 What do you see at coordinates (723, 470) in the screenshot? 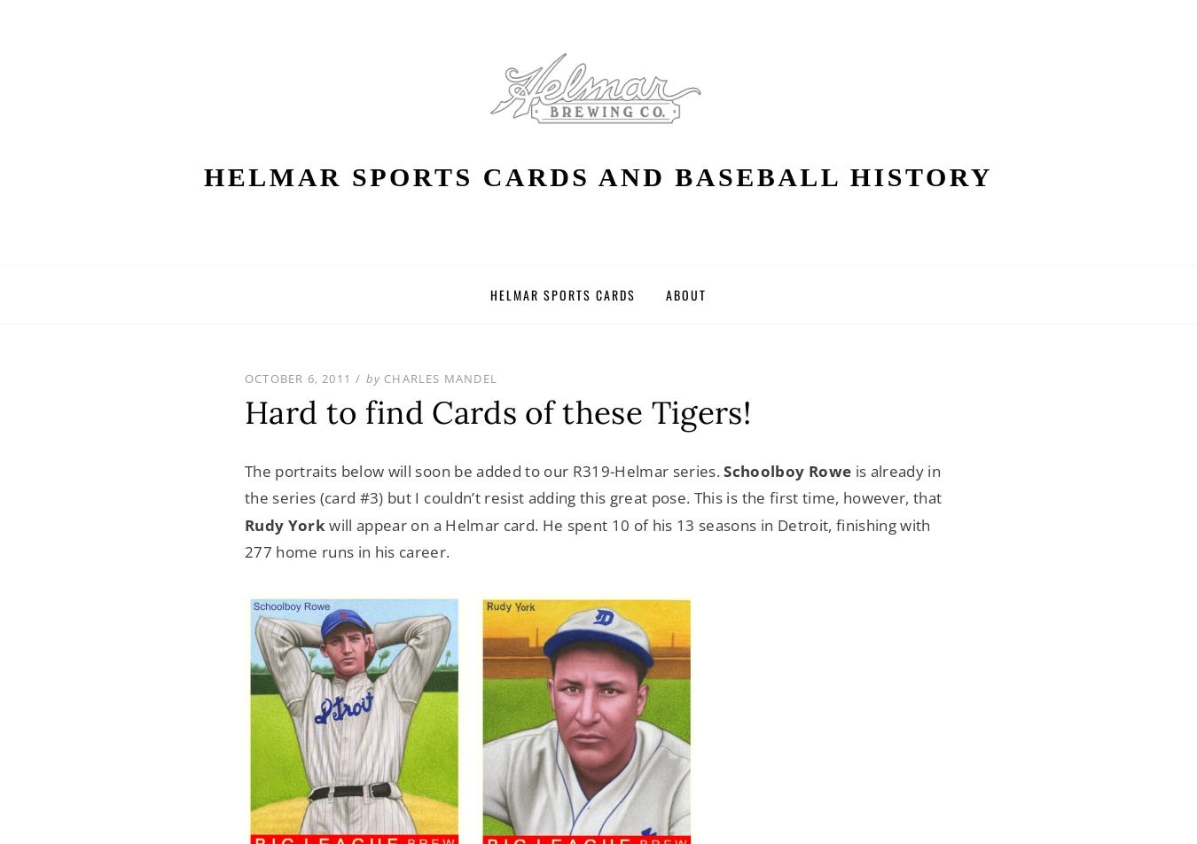
I see `'Schoolboy Rowe'` at bounding box center [723, 470].